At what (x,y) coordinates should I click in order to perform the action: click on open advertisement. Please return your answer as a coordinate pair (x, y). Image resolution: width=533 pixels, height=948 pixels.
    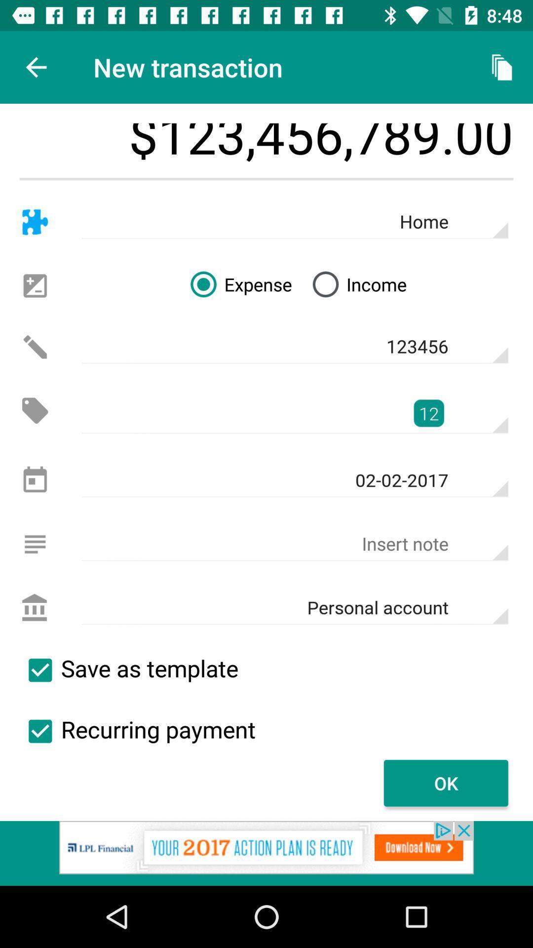
    Looking at the image, I should click on (266, 853).